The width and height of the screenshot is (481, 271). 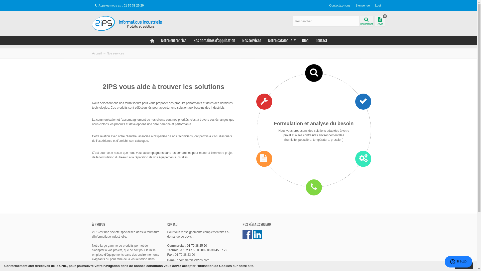 What do you see at coordinates (372, 6) in the screenshot?
I see `'Login'` at bounding box center [372, 6].